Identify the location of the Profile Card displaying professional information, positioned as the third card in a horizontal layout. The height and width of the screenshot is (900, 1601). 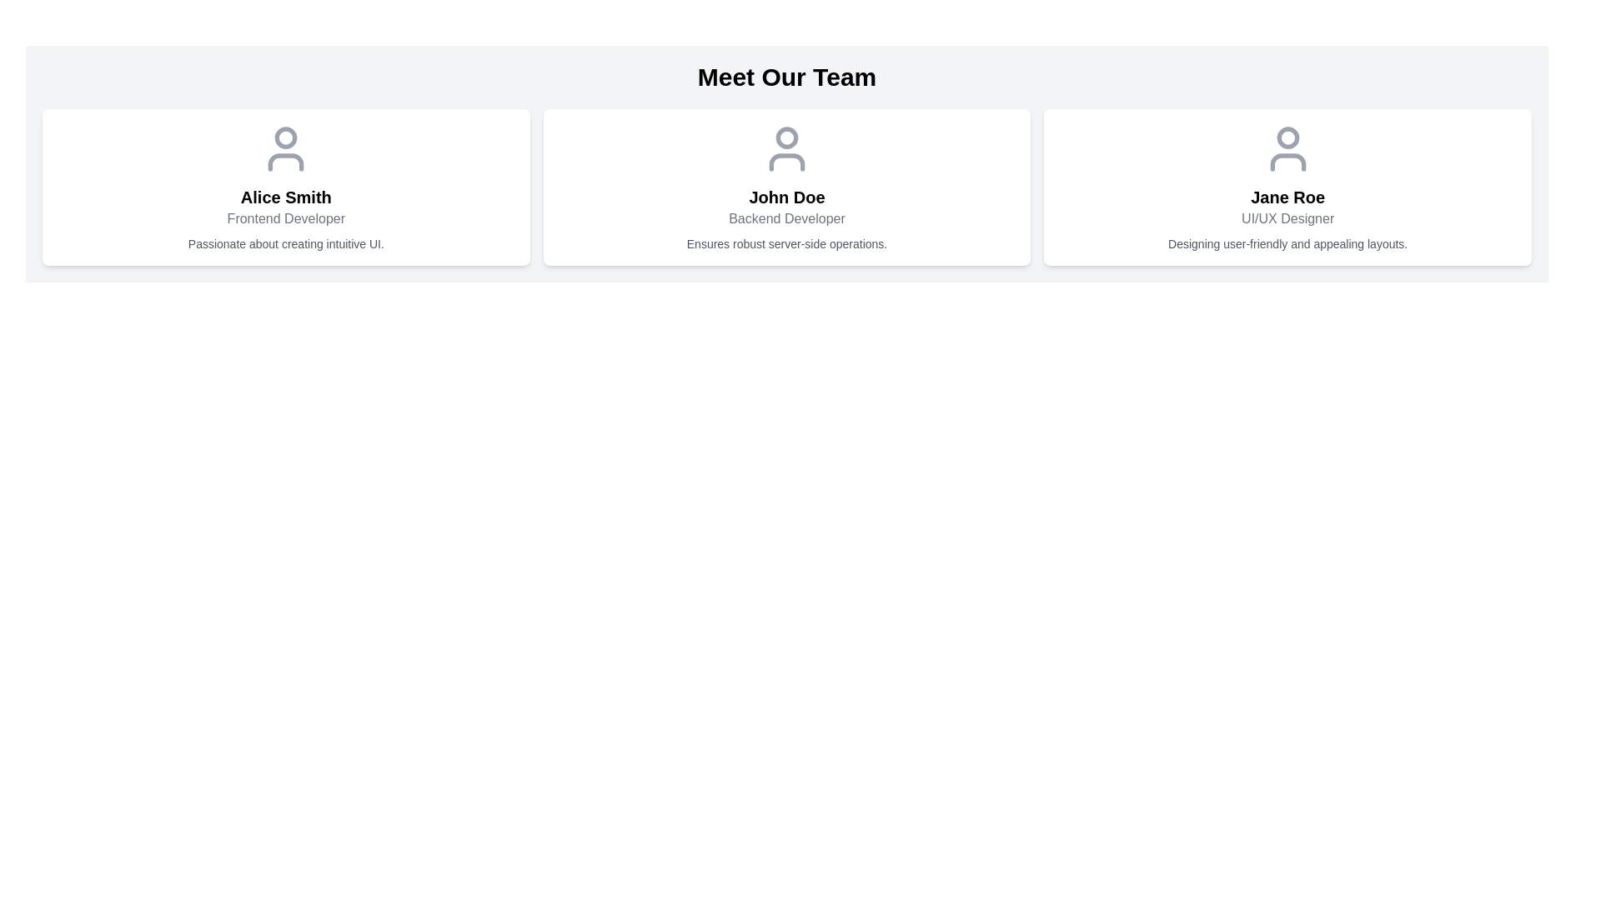
(1287, 187).